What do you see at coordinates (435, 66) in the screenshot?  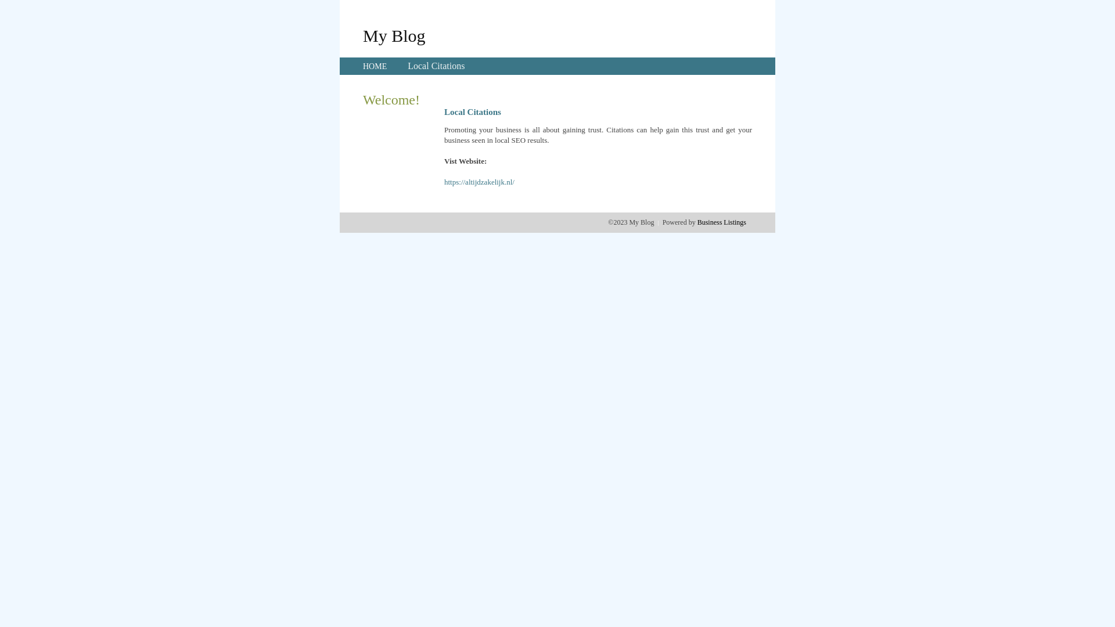 I see `'Local Citations'` at bounding box center [435, 66].